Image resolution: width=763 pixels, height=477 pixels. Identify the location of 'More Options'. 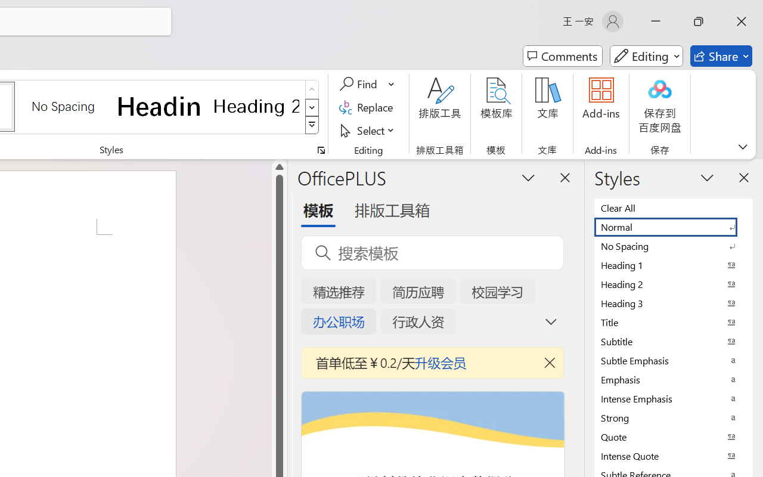
(392, 84).